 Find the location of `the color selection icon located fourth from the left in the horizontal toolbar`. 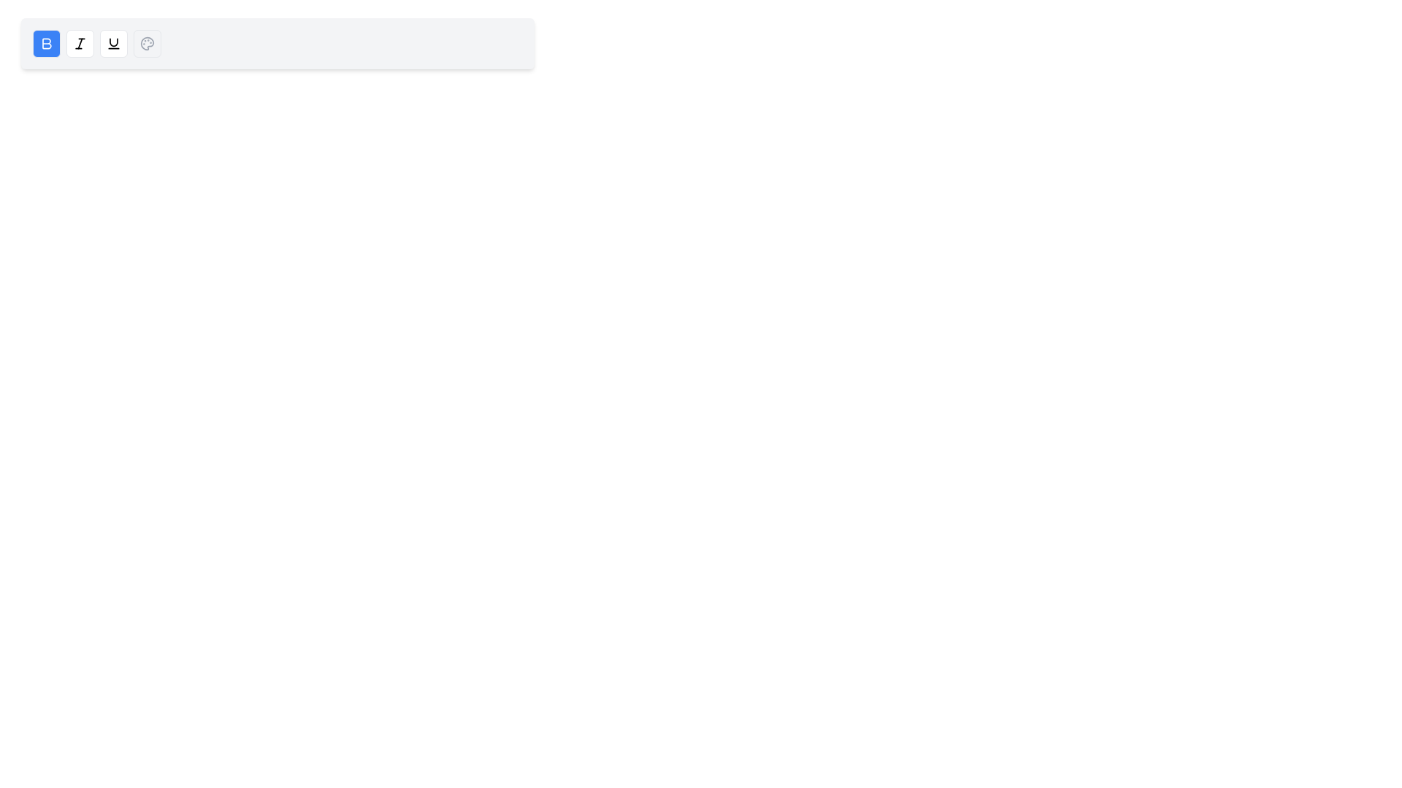

the color selection icon located fourth from the left in the horizontal toolbar is located at coordinates (147, 43).